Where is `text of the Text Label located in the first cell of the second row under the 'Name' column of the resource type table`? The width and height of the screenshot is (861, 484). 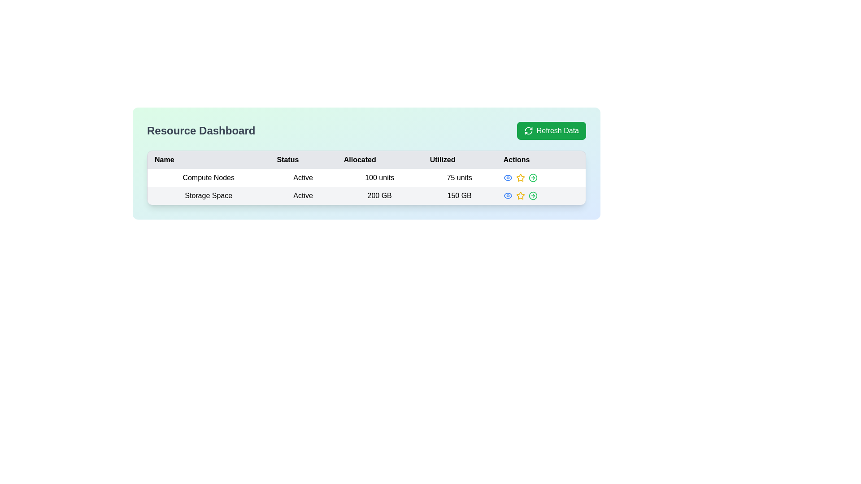
text of the Text Label located in the first cell of the second row under the 'Name' column of the resource type table is located at coordinates (208, 195).